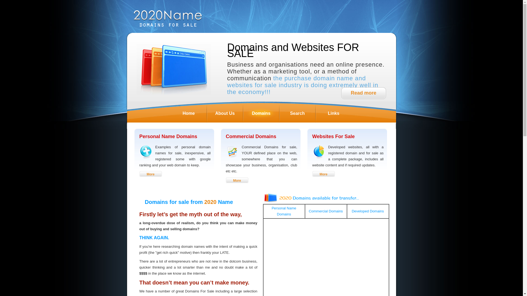 This screenshot has height=296, width=527. I want to click on 'Home', so click(188, 113).